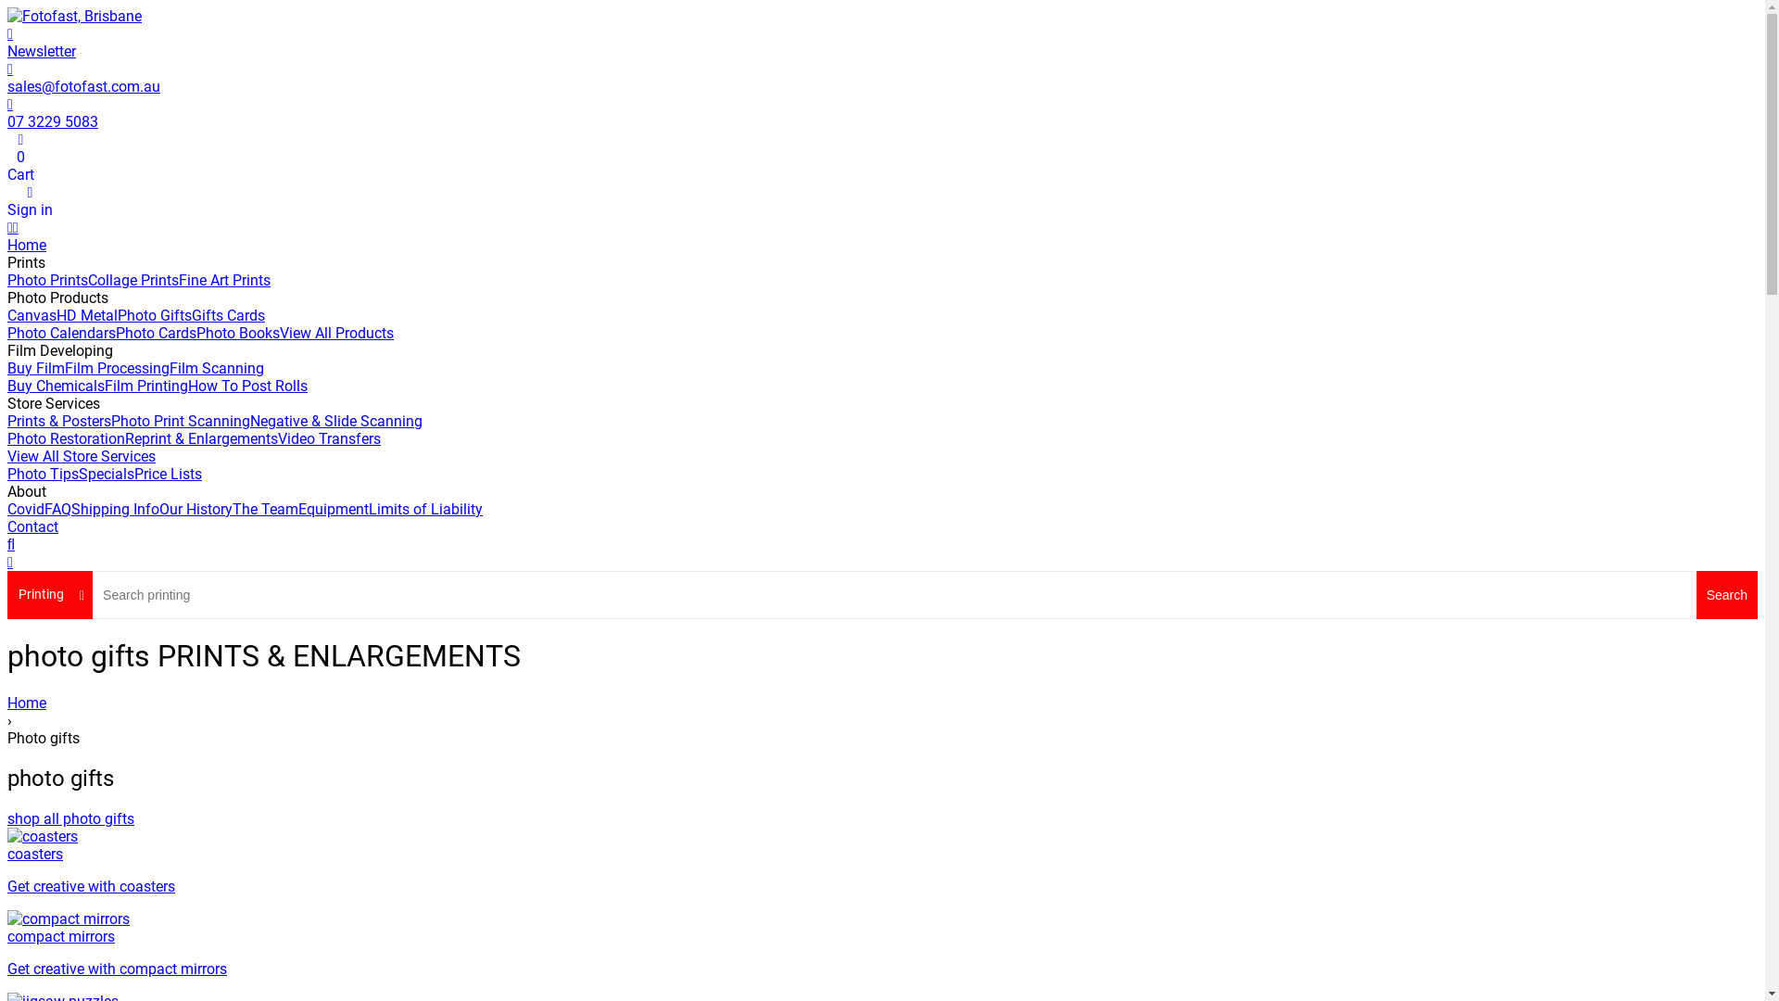 The image size is (1779, 1001). What do you see at coordinates (56, 385) in the screenshot?
I see `'Buy Chemicals'` at bounding box center [56, 385].